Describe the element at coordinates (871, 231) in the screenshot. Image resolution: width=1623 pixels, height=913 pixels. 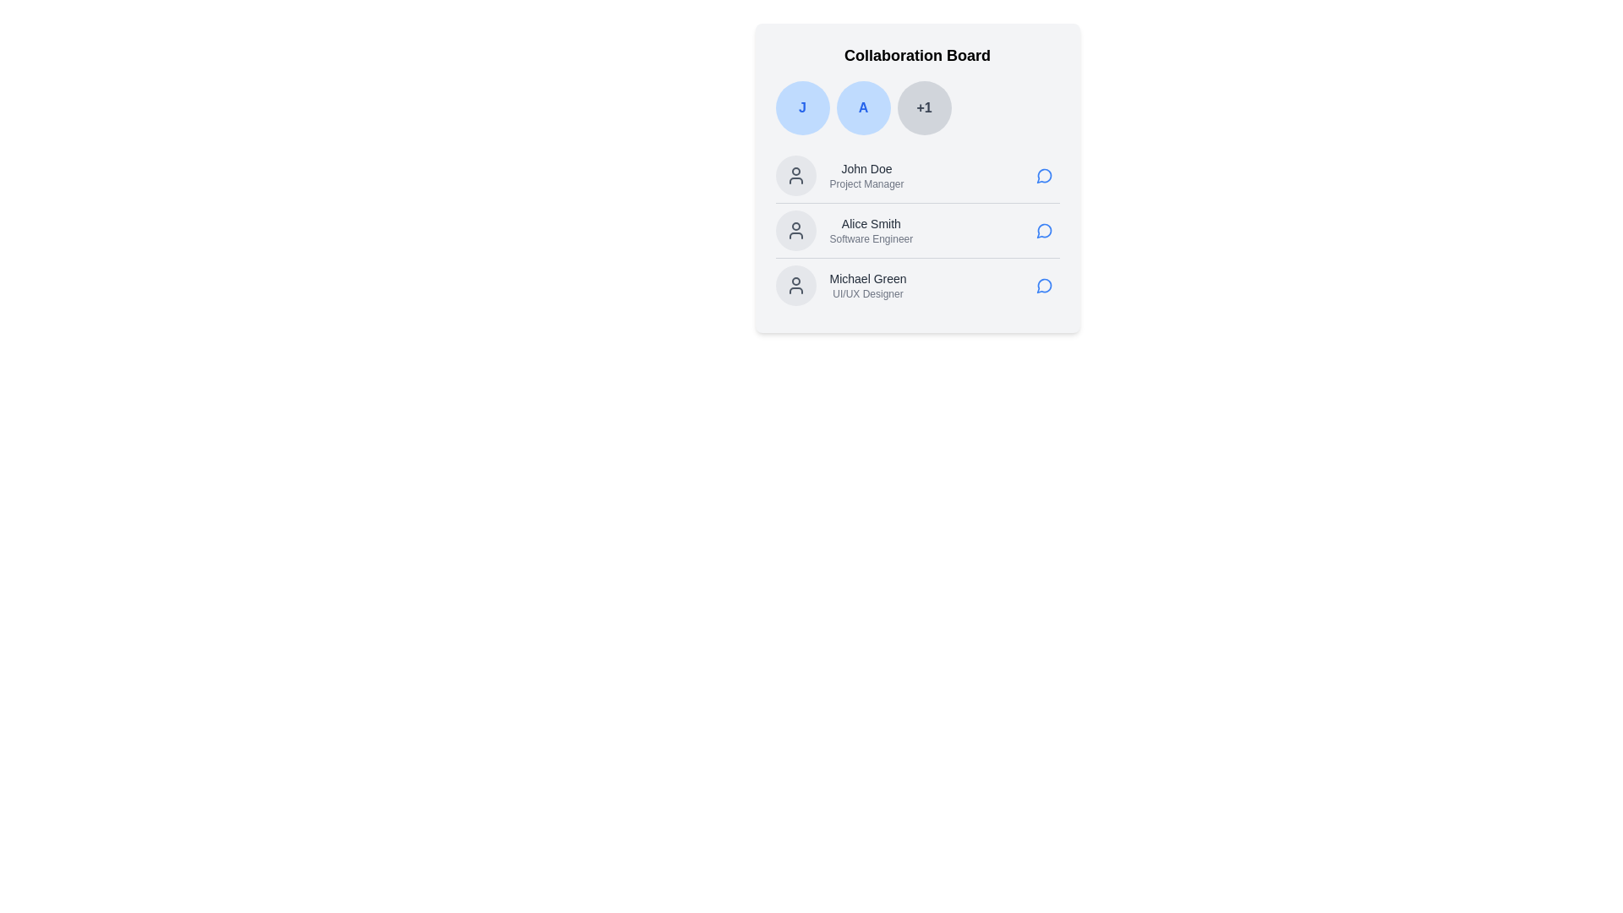
I see `information displayed in the Text Display Component that shows 'Alice Smith' in bold and 'Software Engineer' in a smaller font` at that location.